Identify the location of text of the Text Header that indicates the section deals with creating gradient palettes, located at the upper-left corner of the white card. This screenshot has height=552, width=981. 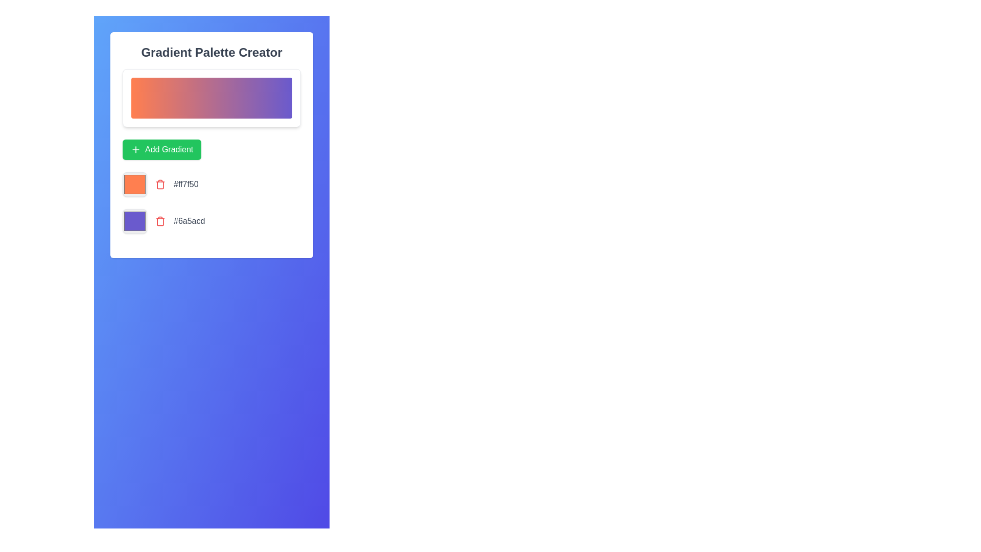
(211, 53).